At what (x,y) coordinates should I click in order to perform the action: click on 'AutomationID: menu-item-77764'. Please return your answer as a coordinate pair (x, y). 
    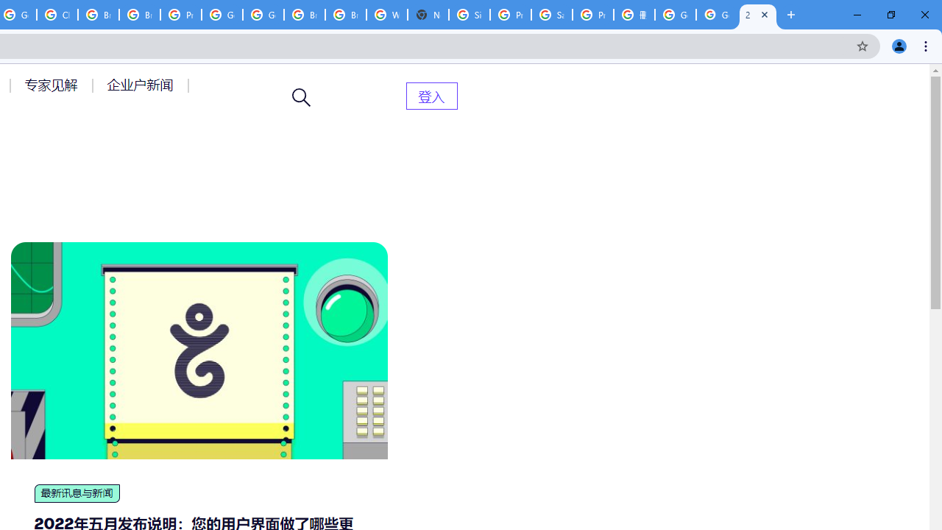
    Looking at the image, I should click on (53, 85).